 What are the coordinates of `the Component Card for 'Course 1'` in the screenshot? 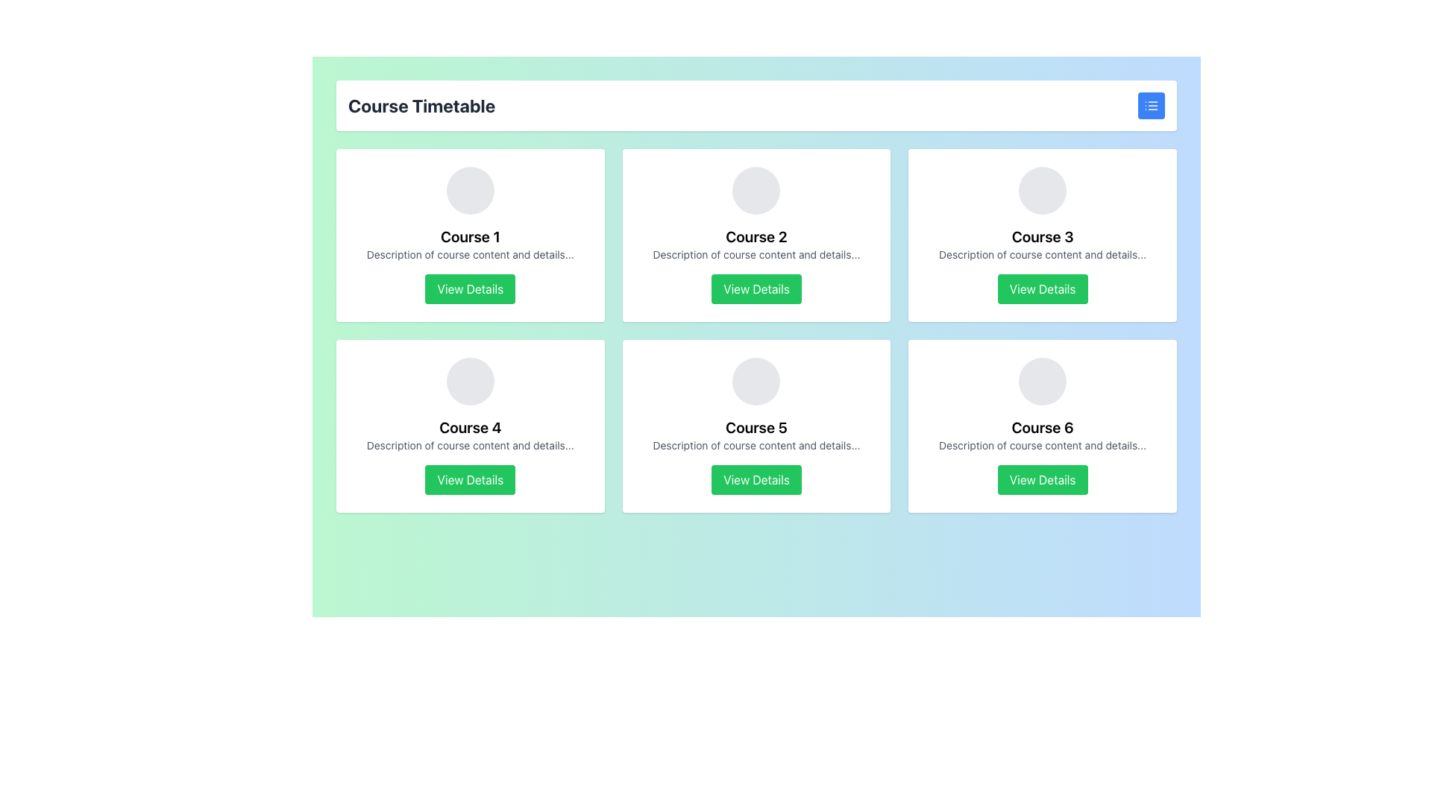 It's located at (469, 235).